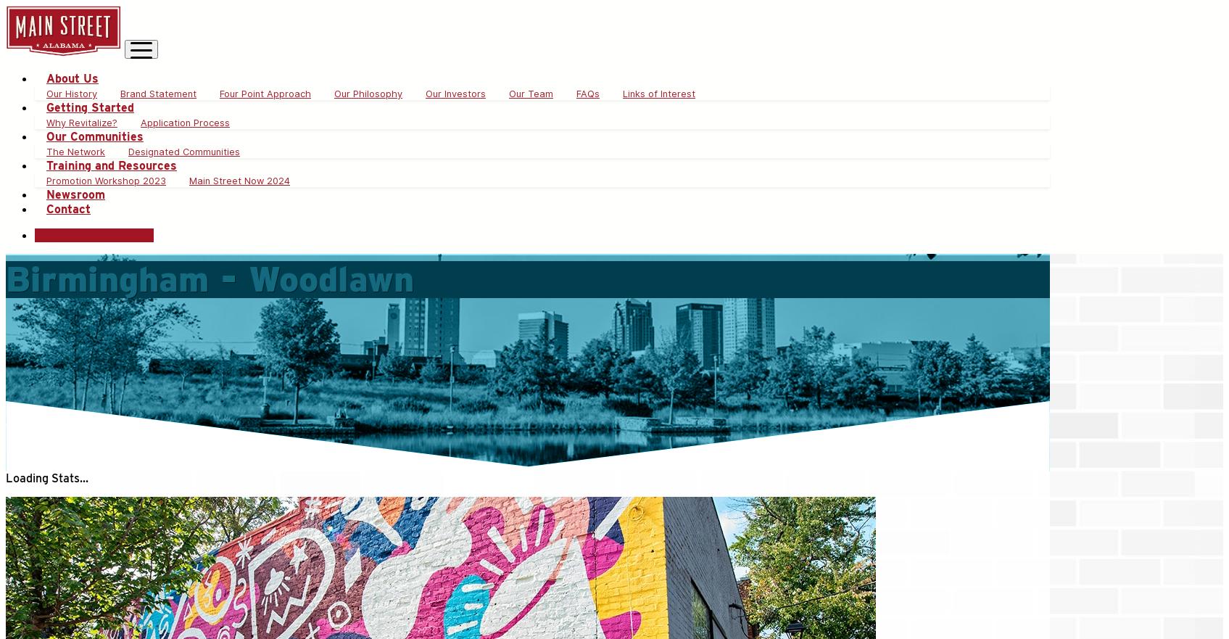 The height and width of the screenshot is (639, 1229). What do you see at coordinates (94, 235) in the screenshot?
I see `'BECOME A PARTNER'` at bounding box center [94, 235].